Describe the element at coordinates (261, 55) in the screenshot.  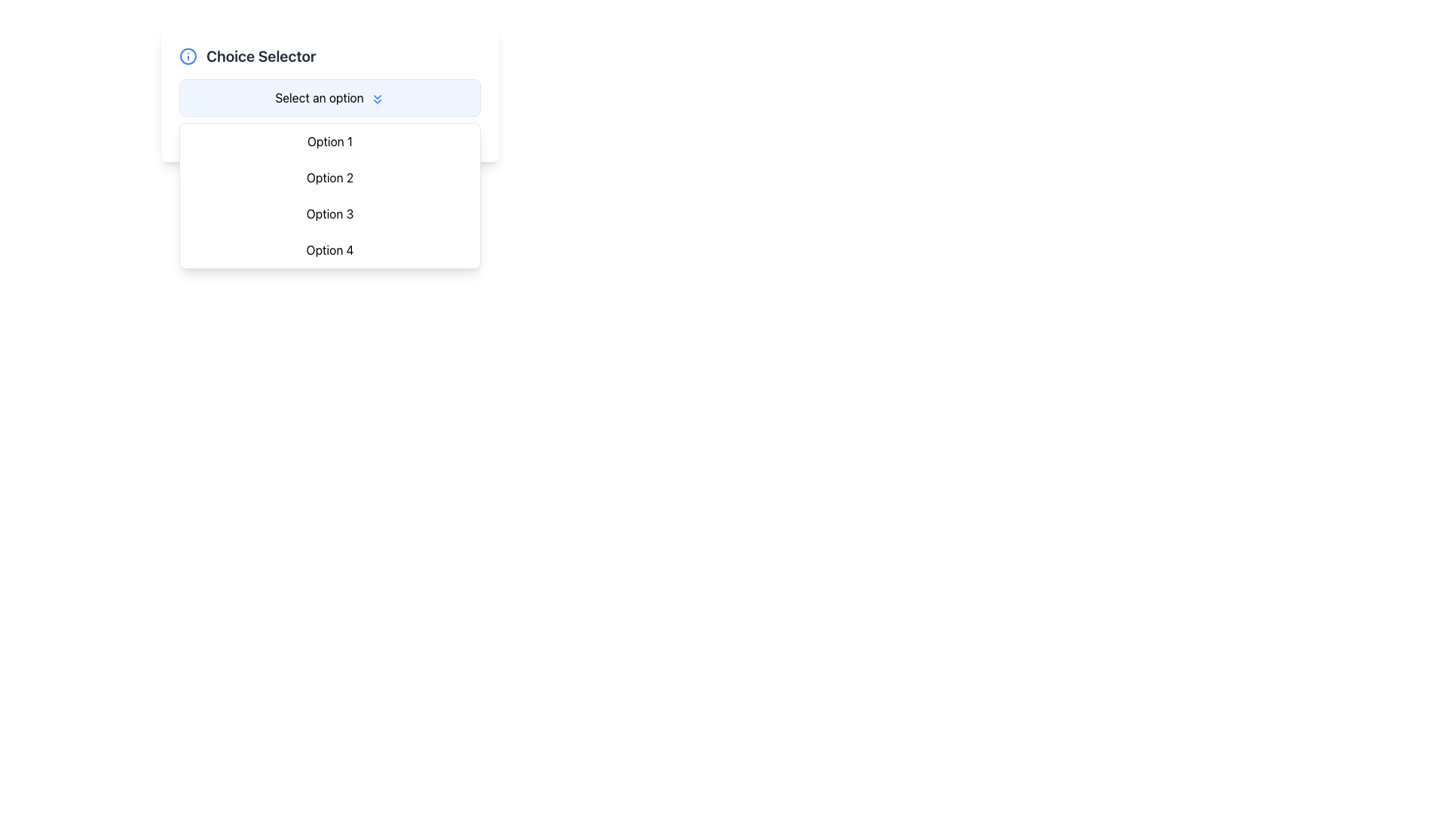
I see `text from the Text Label that serves as a heading for the dropdown menu, located at the top of the selection module` at that location.